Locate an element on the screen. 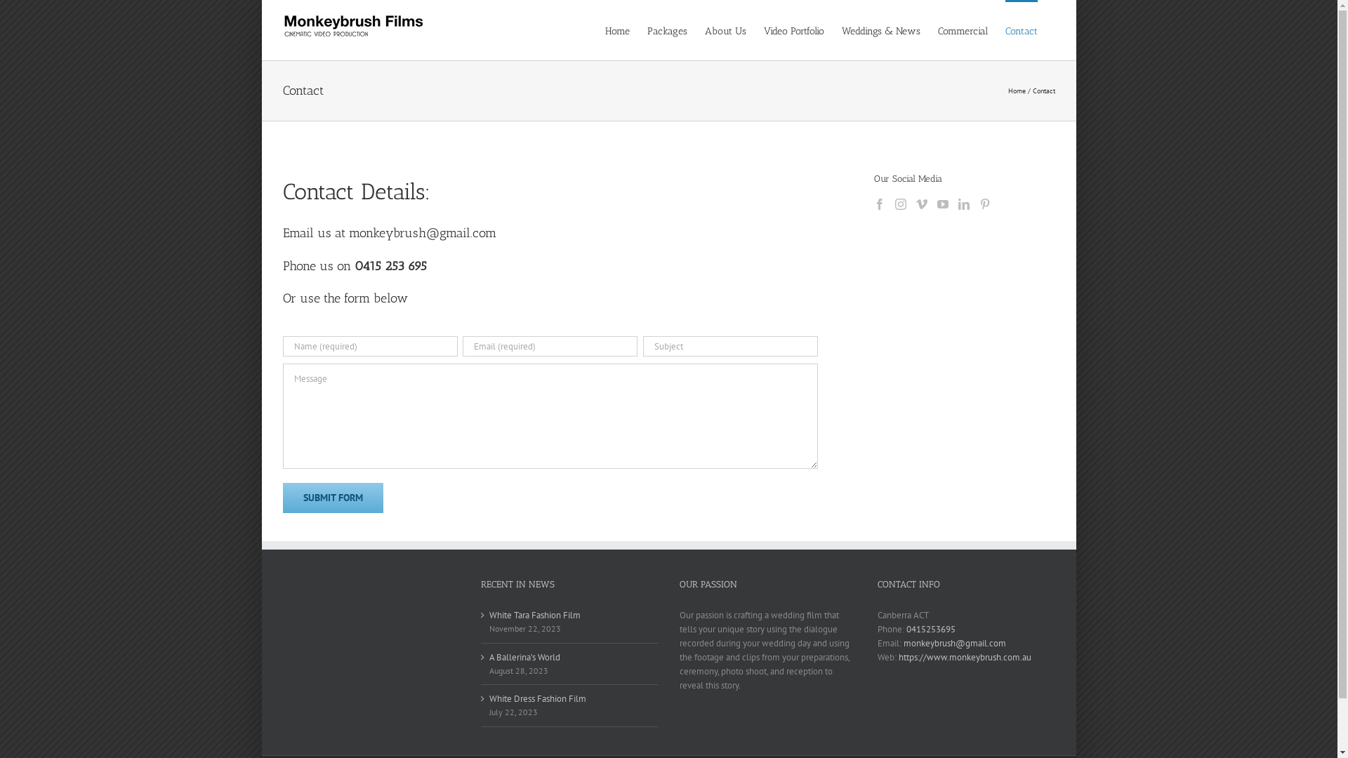  'White Dress Fashion Film' is located at coordinates (570, 698).